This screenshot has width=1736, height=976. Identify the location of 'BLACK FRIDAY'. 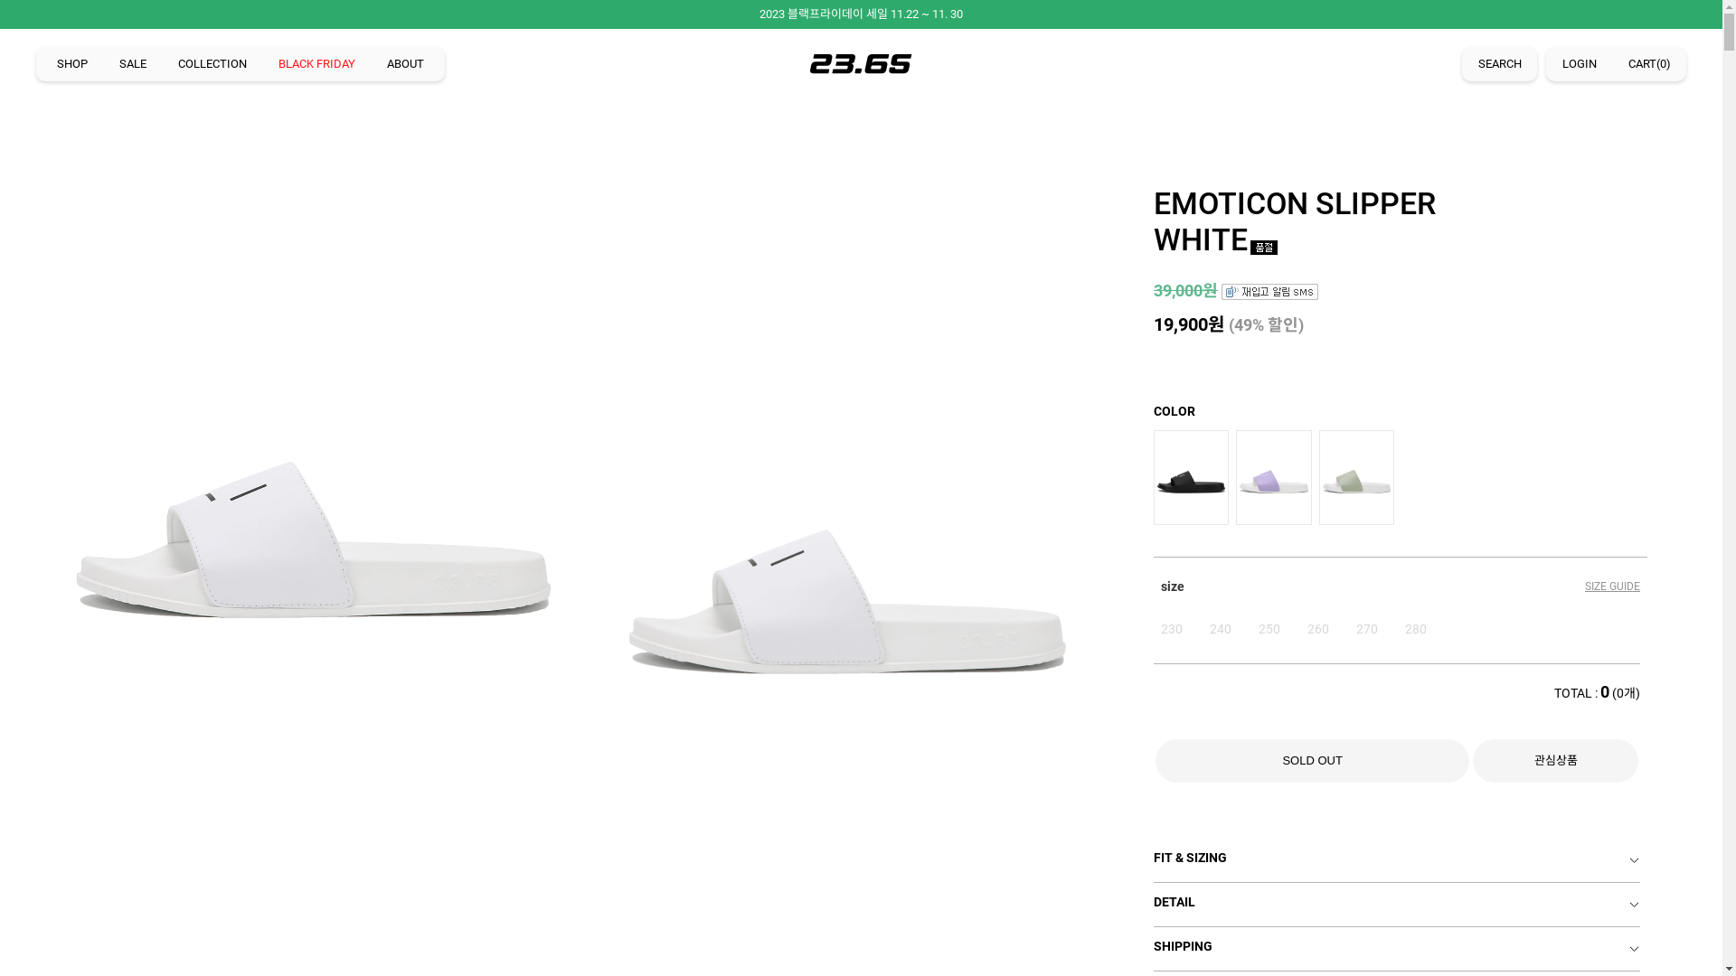
(316, 62).